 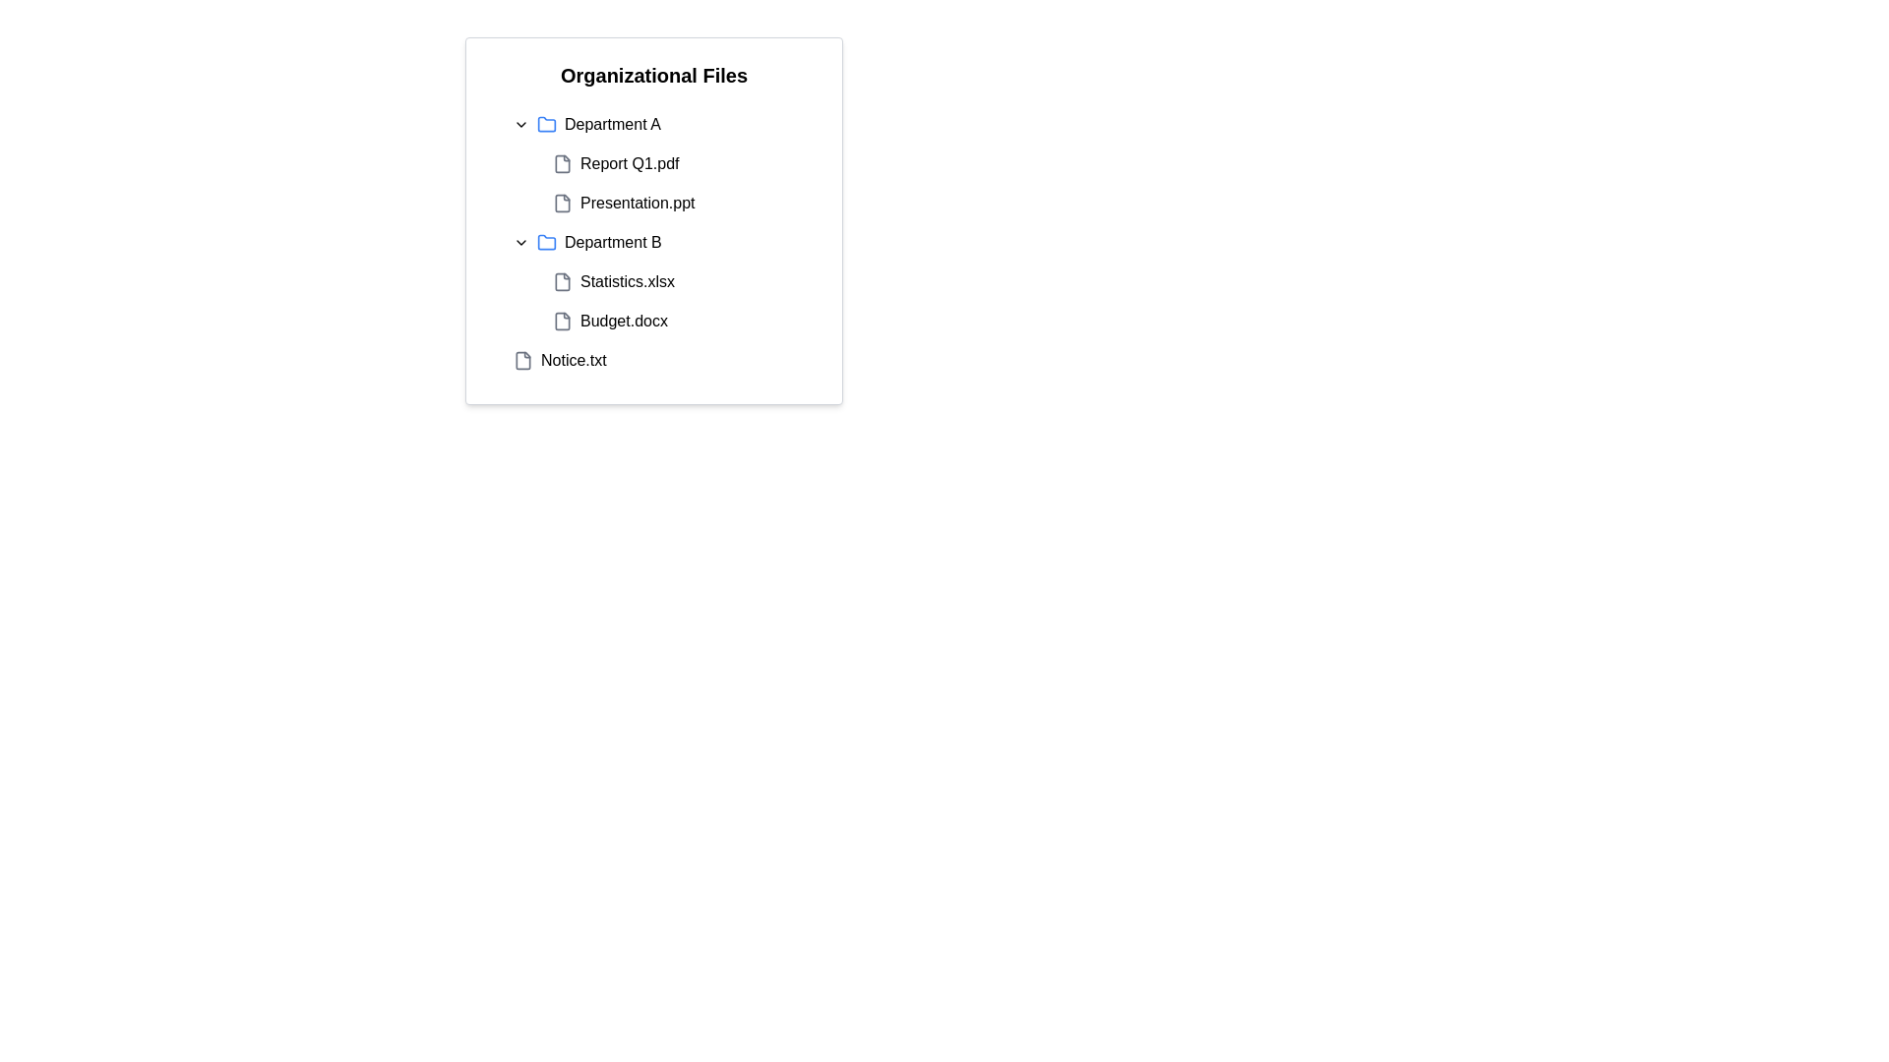 I want to click on the document icon next to 'Statistics.xlsx' in the 'Department B' section of the file list interface, so click(x=561, y=281).